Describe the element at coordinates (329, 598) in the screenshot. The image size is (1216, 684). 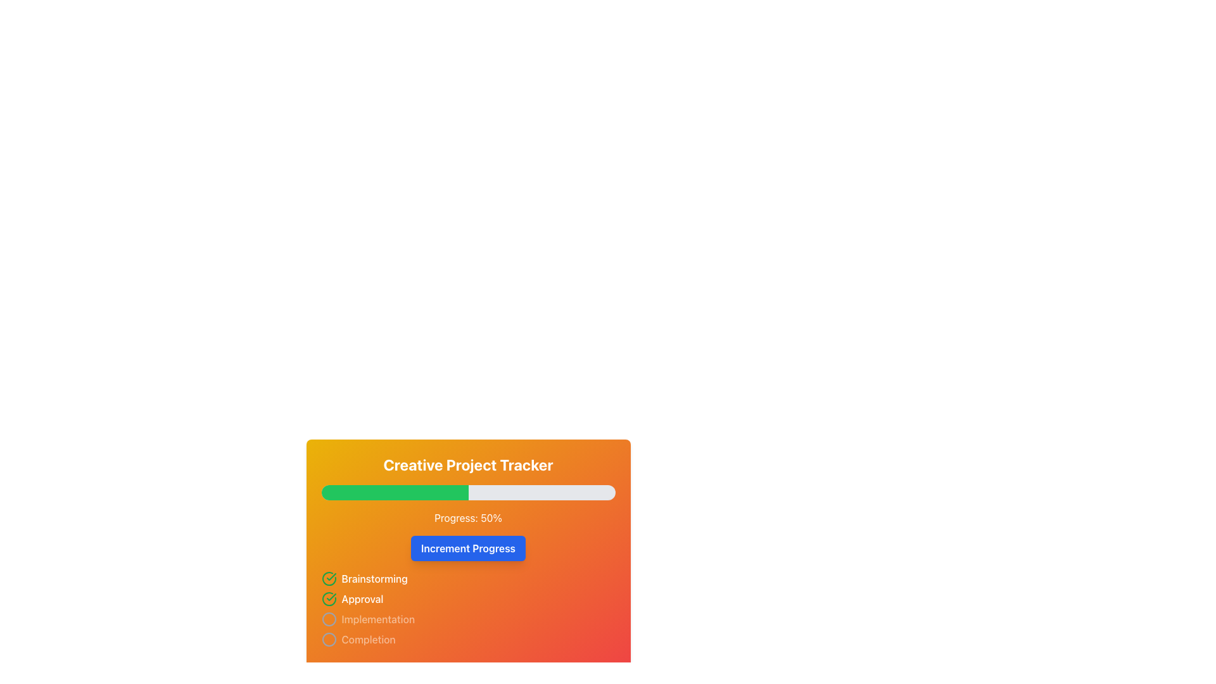
I see `the approval icon, which visually marks the approval step in the project's progress, located to the left of the text label 'Approval' in the vertical list of steps` at that location.